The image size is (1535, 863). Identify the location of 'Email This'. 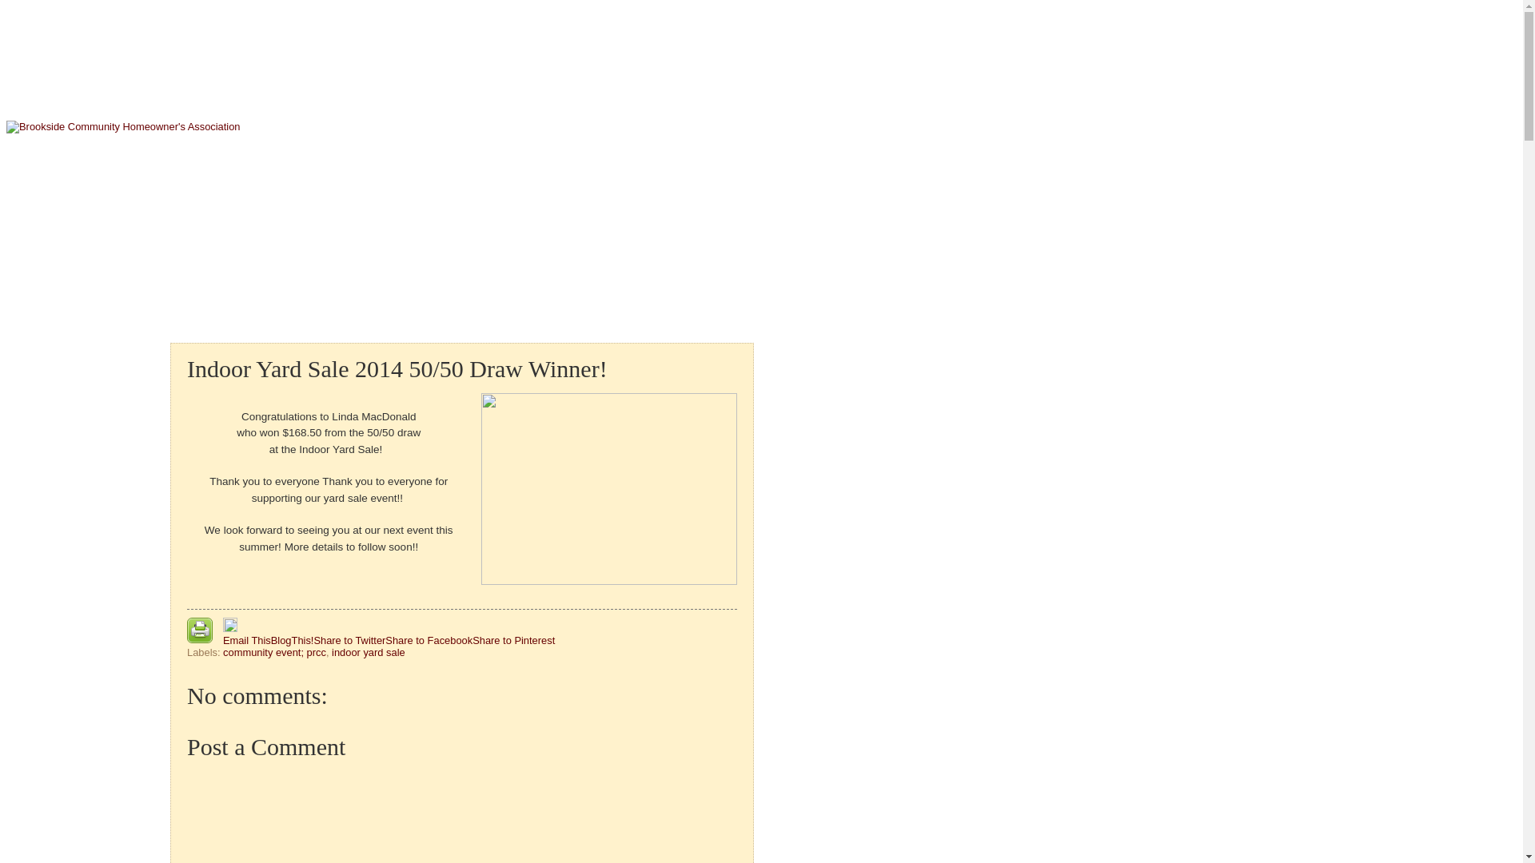
(245, 639).